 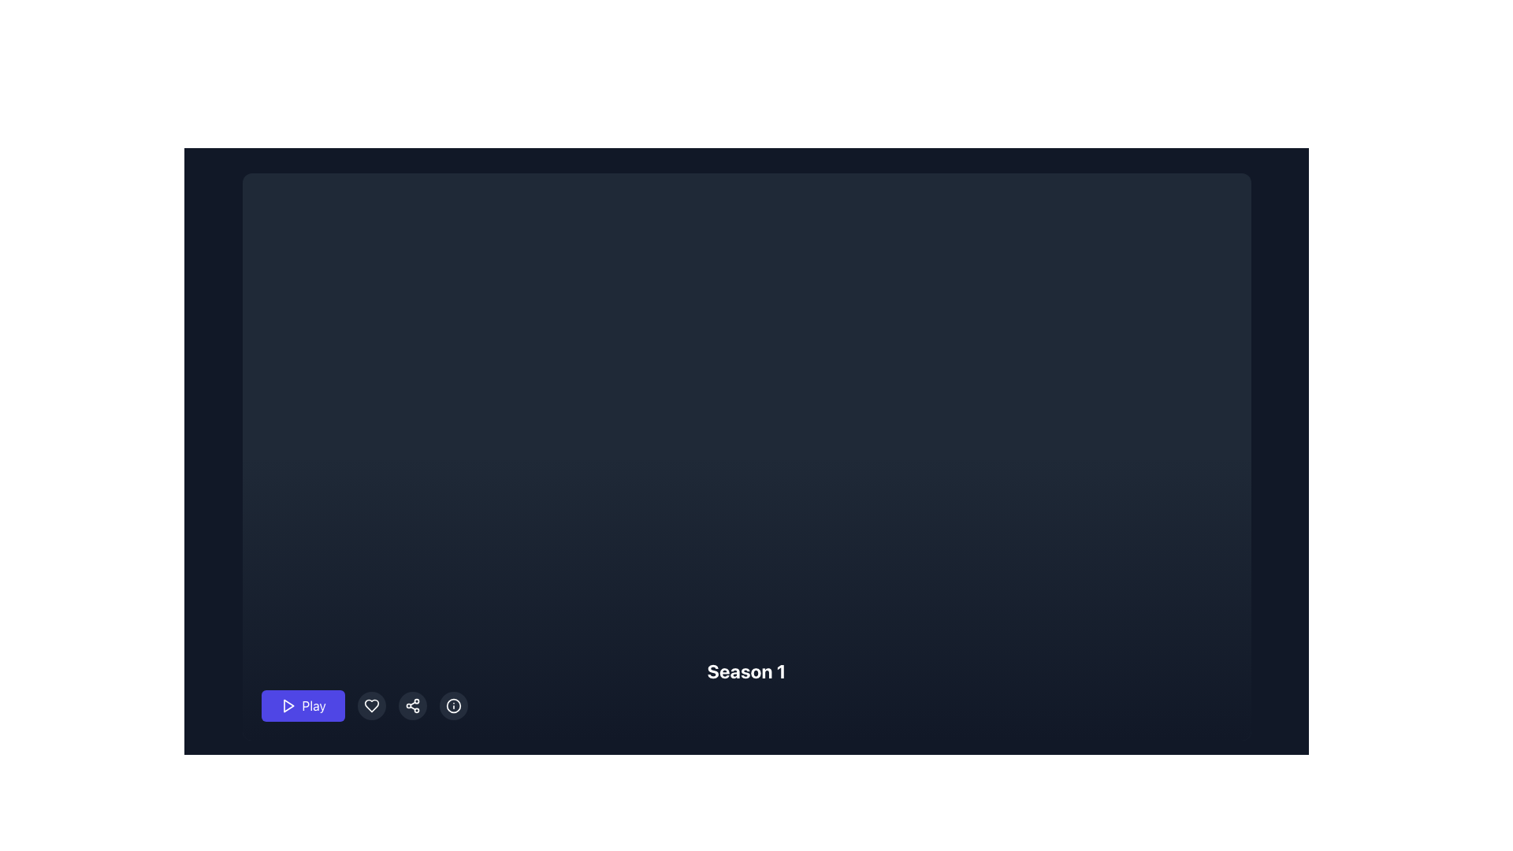 What do you see at coordinates (452, 704) in the screenshot?
I see `the circular button with a semi-transparent gray background and an 'i' icon to change its background color` at bounding box center [452, 704].